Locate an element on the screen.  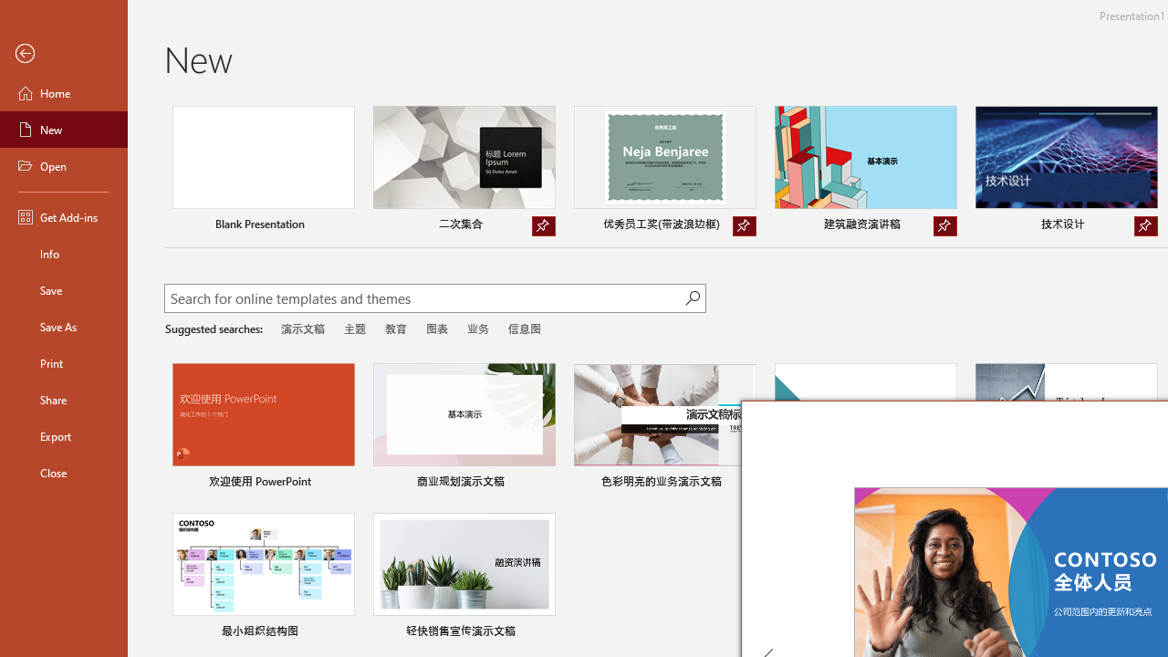
'Save As' is located at coordinates (63, 325).